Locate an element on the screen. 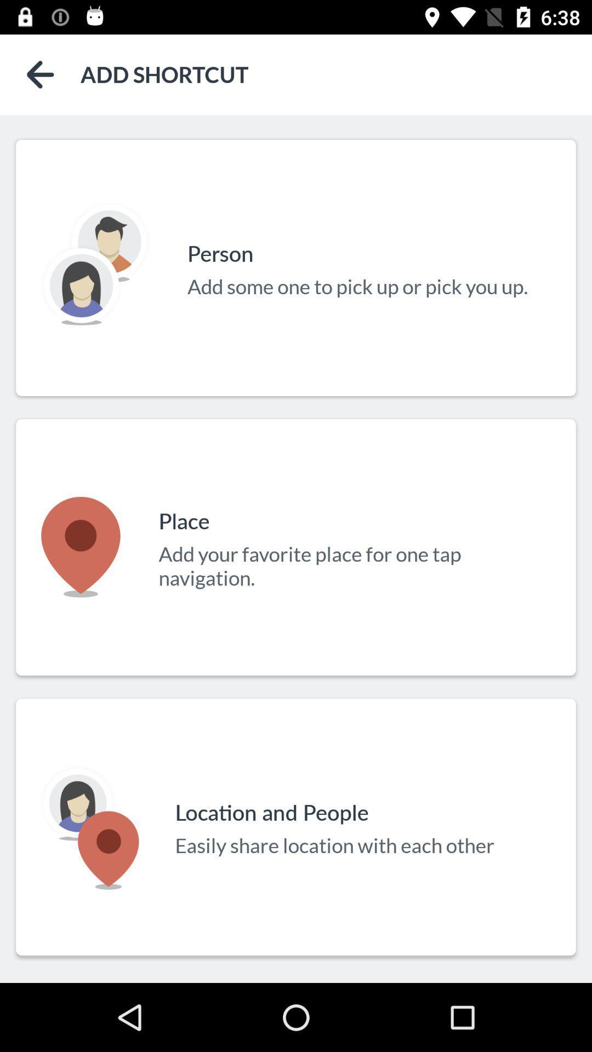  go back is located at coordinates (39, 74).